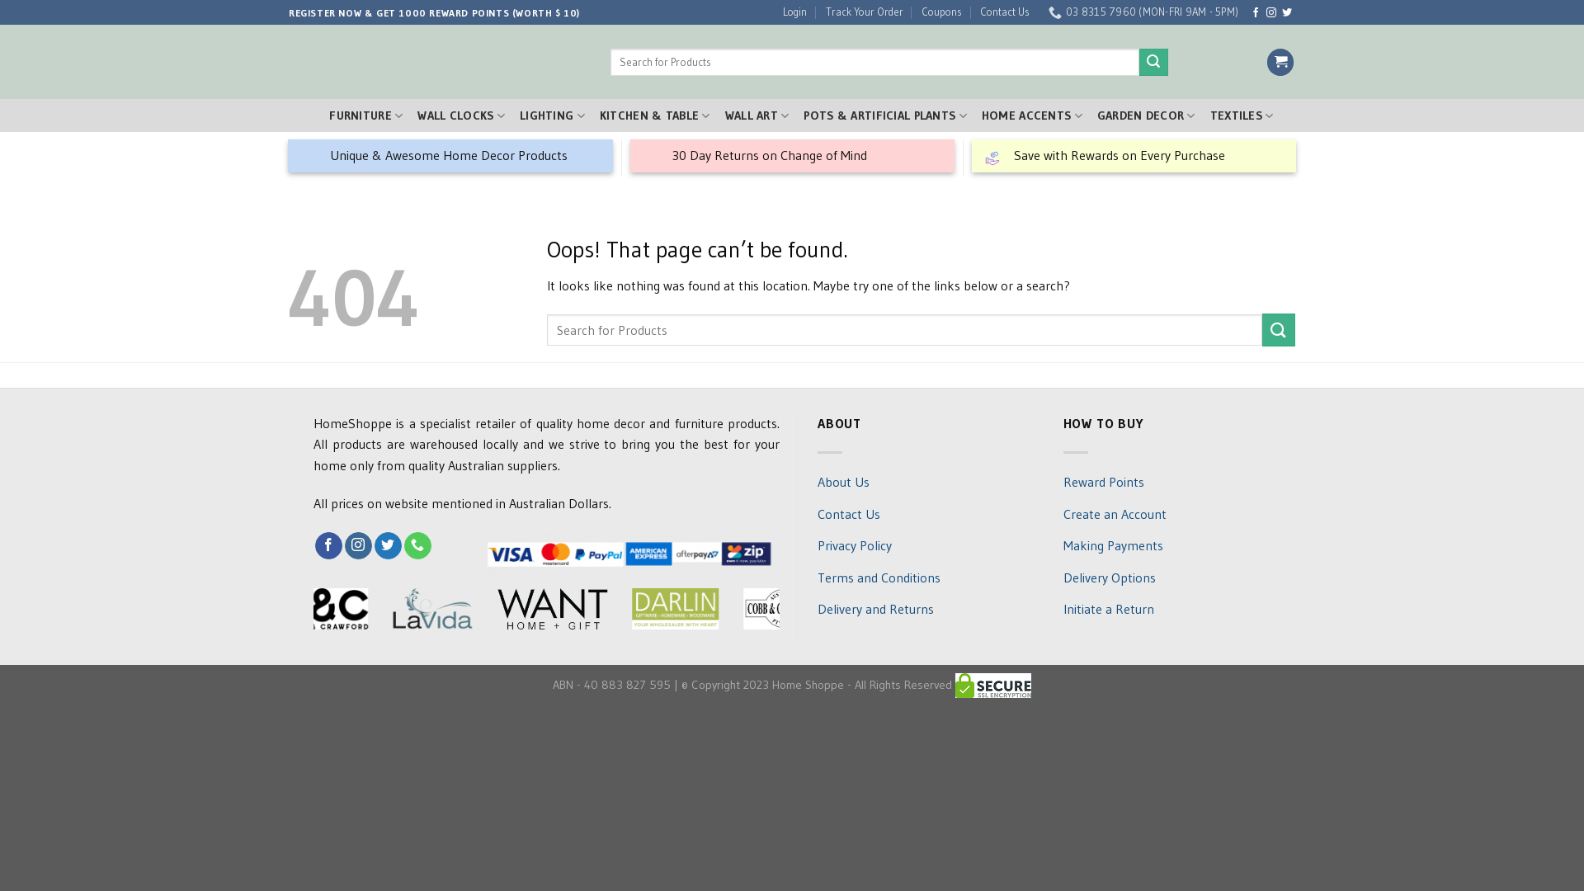 This screenshot has width=1584, height=891. Describe the element at coordinates (1254, 12) in the screenshot. I see `'Follow on Facebook'` at that location.